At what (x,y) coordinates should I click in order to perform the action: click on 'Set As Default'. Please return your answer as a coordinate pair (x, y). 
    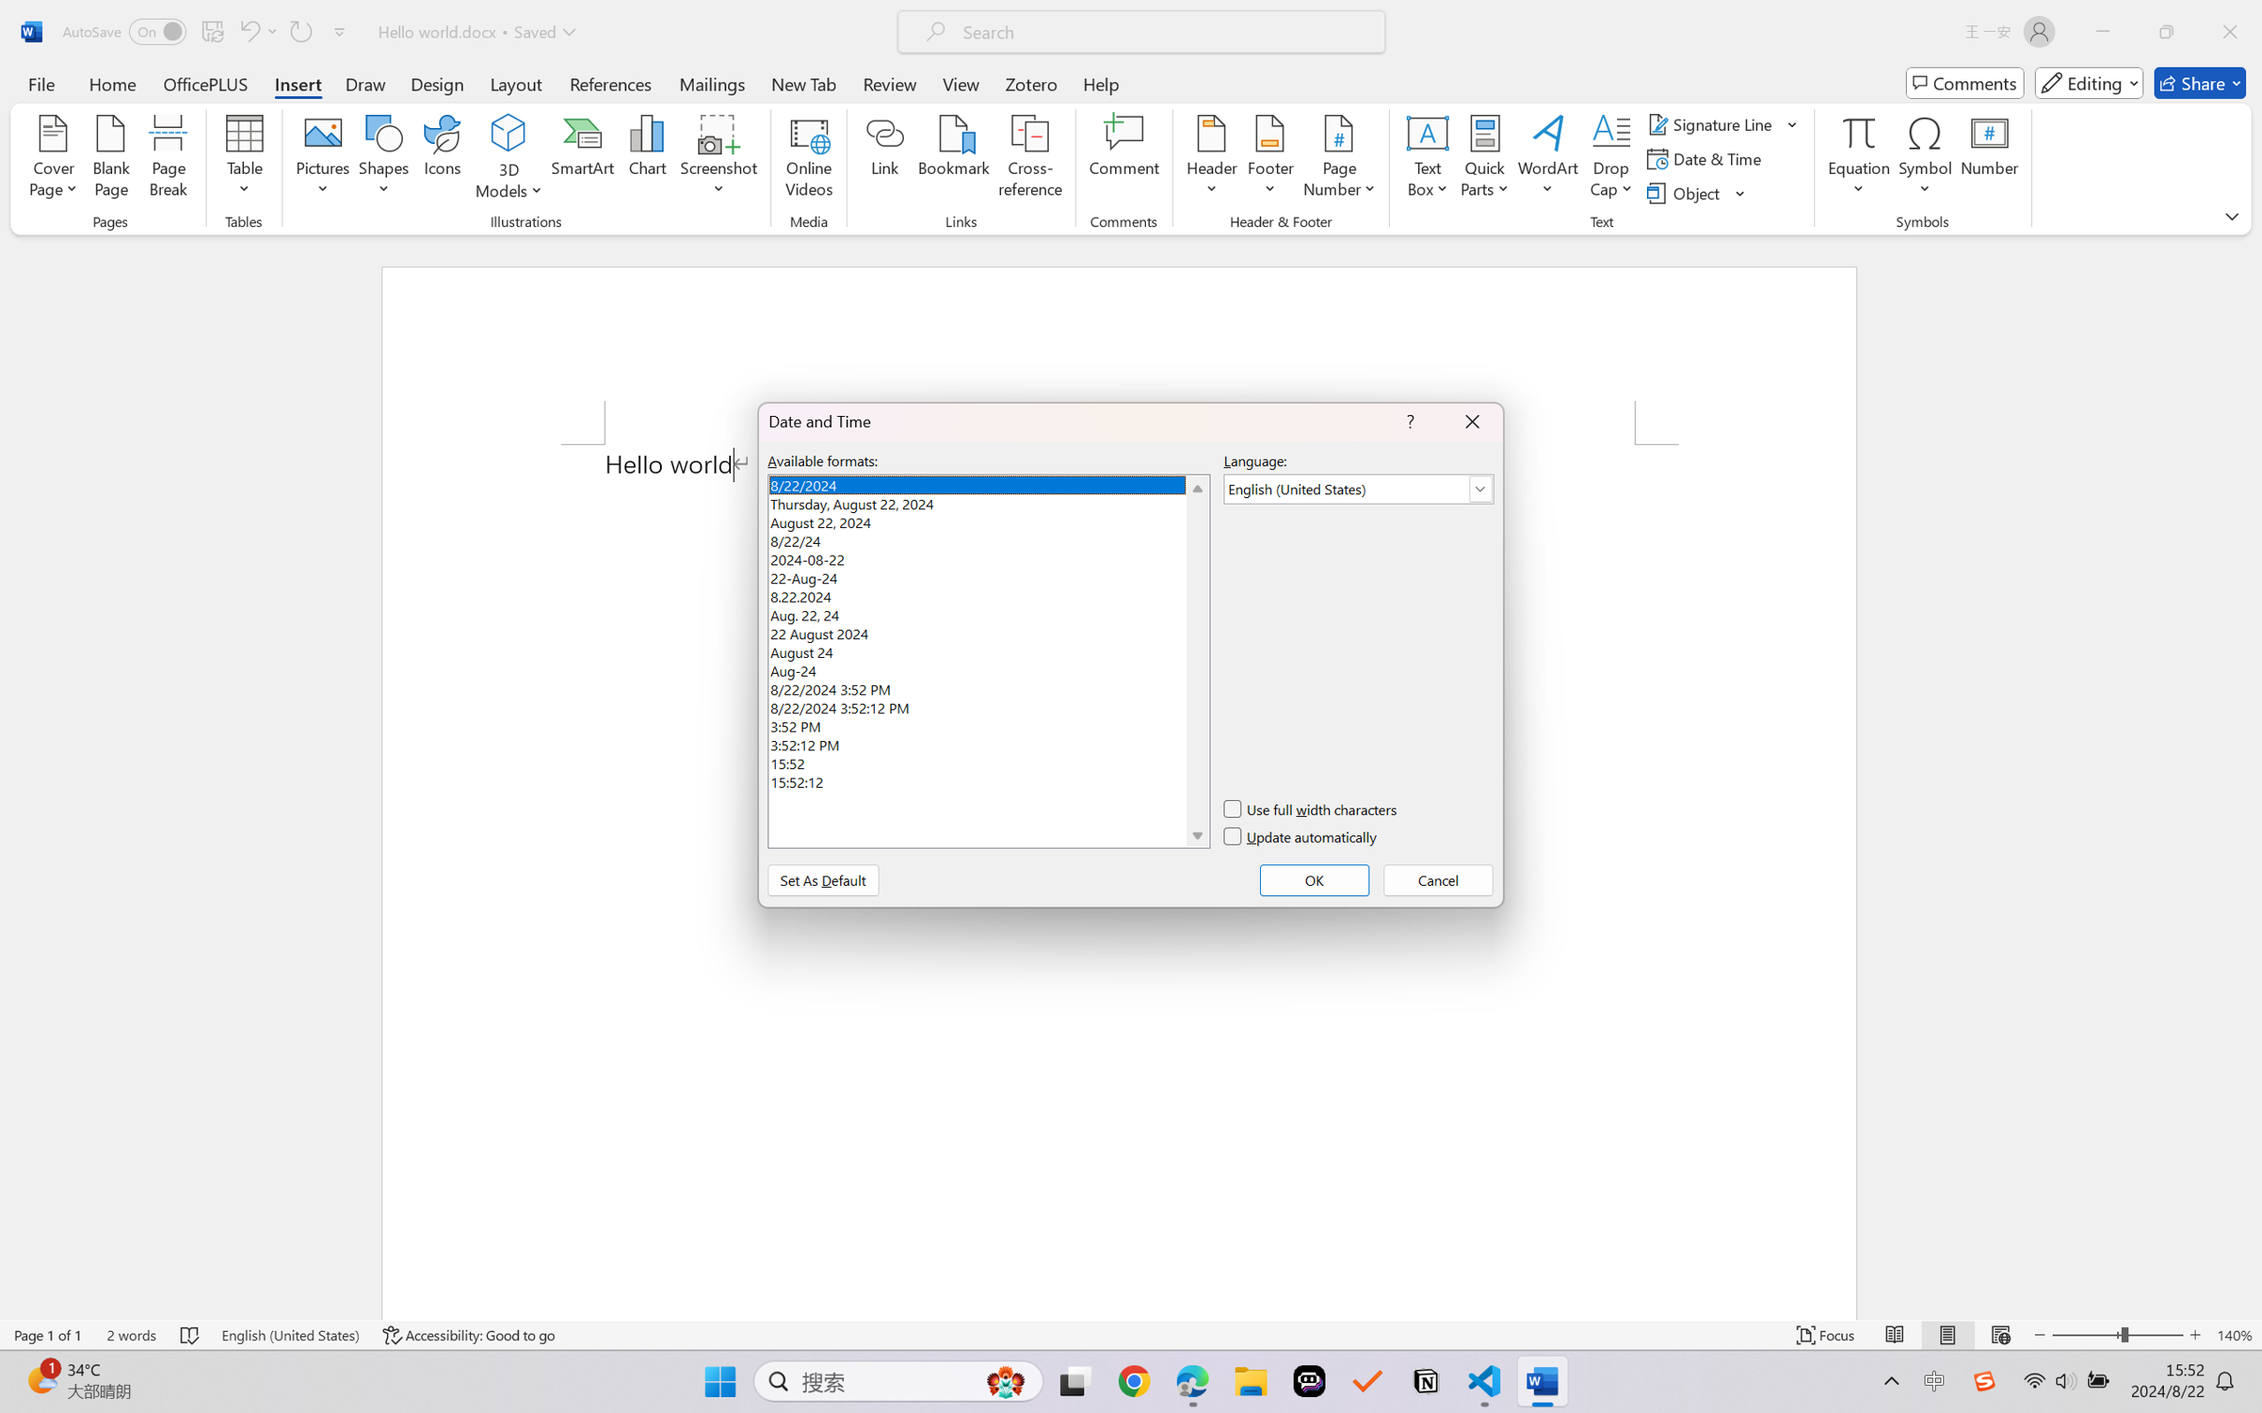
    Looking at the image, I should click on (822, 878).